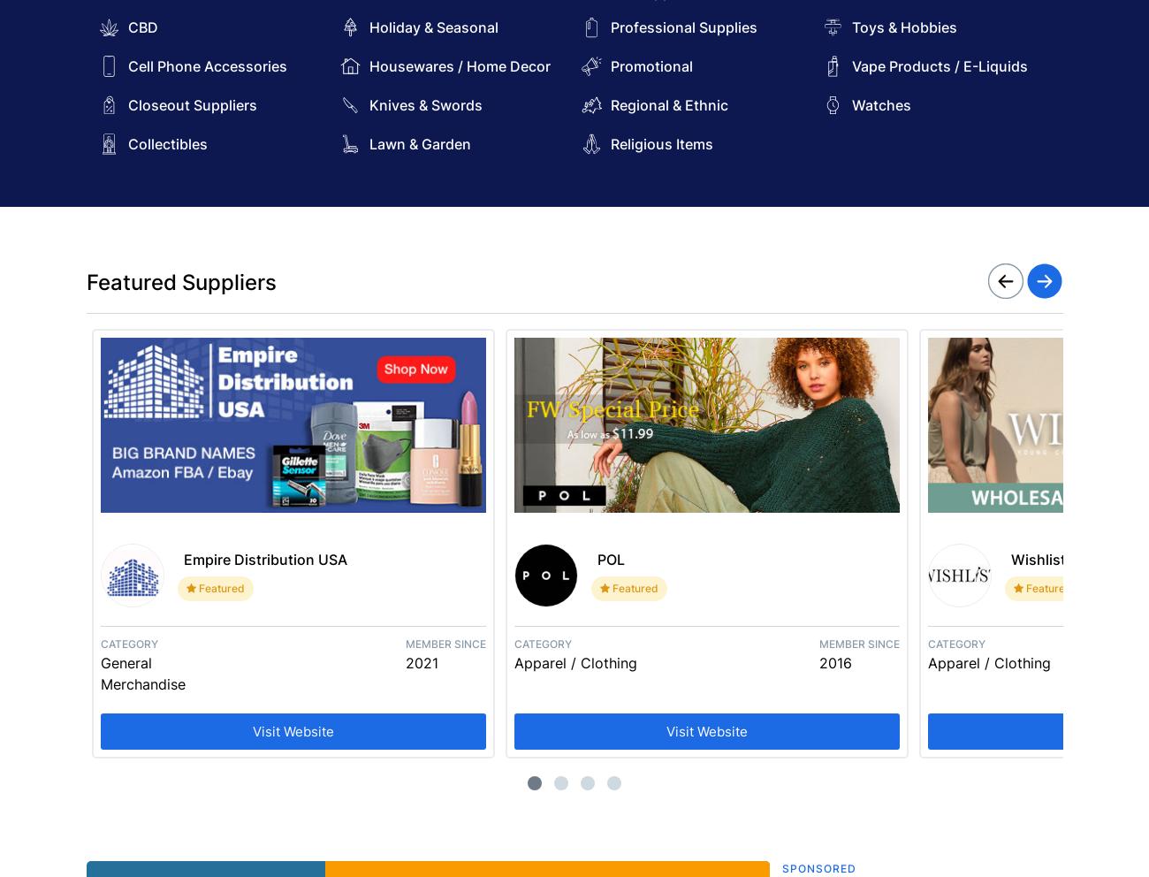 This screenshot has width=1149, height=877. I want to click on 'Empire Distribution USA', so click(264, 559).